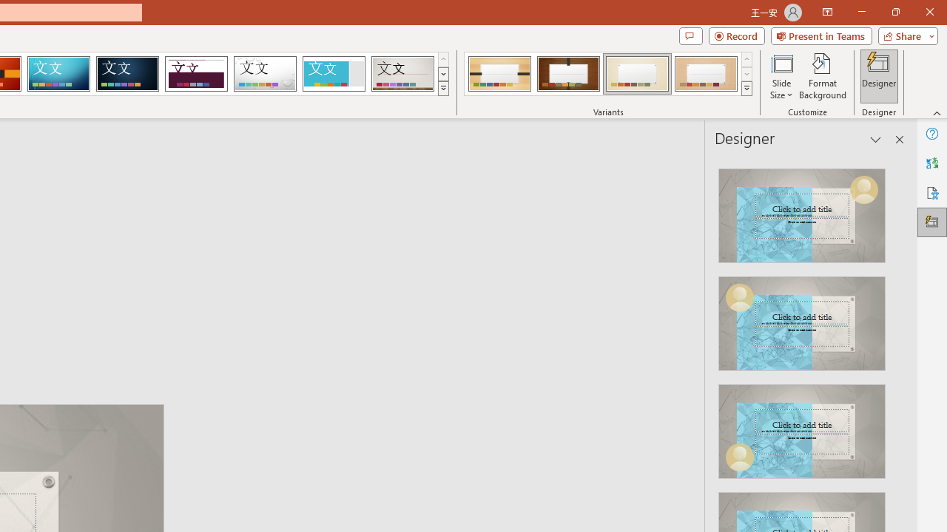 The image size is (947, 532). Describe the element at coordinates (747, 89) in the screenshot. I see `'Variants'` at that location.